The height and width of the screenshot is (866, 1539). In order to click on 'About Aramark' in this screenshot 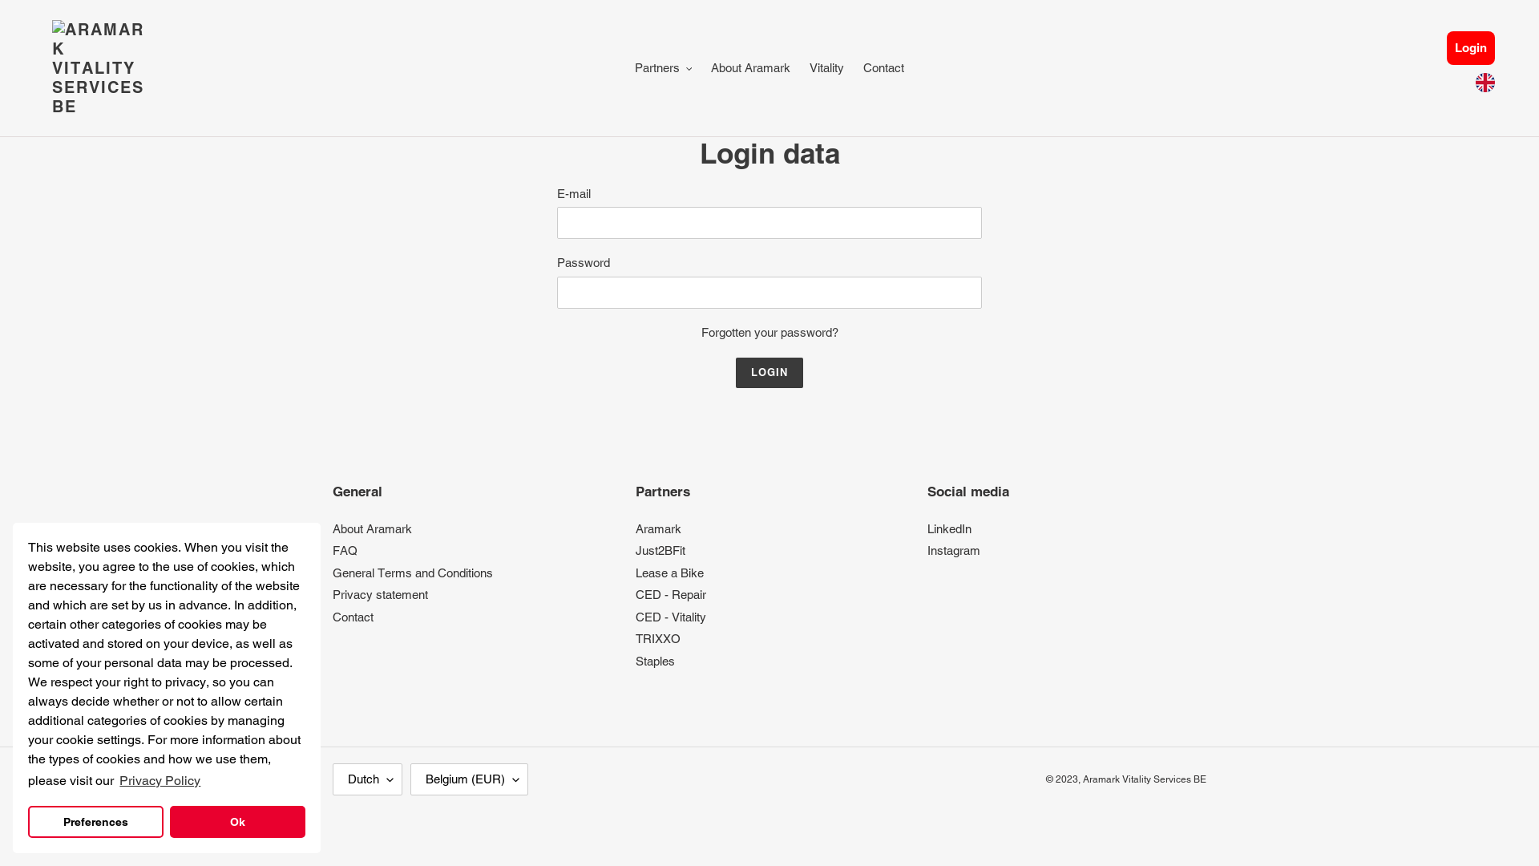, I will do `click(371, 528)`.